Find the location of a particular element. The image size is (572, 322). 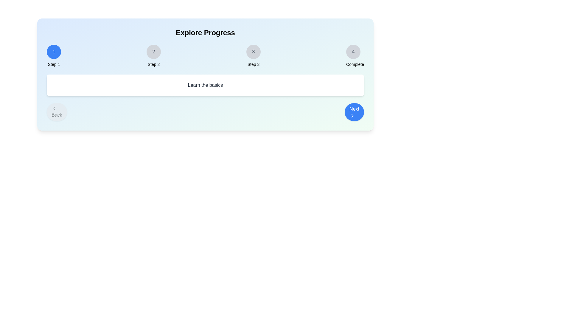

the step indicator for Complete to navigate to that step is located at coordinates (353, 51).